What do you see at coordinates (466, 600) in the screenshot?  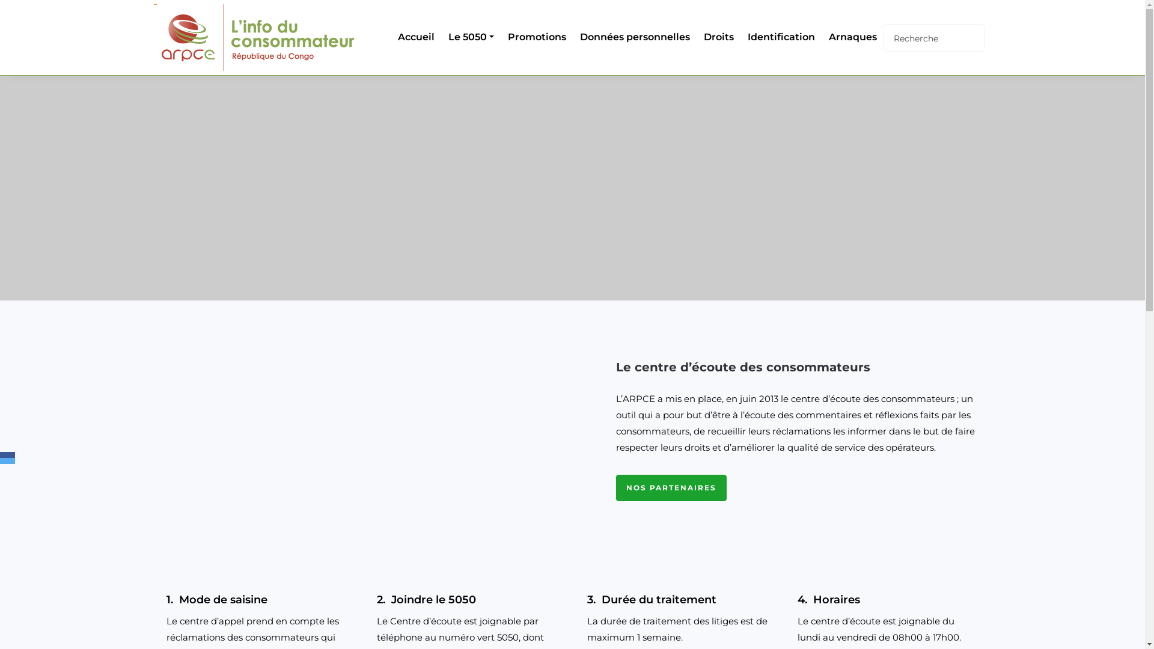 I see `'2.  Joindre le 5050'` at bounding box center [466, 600].